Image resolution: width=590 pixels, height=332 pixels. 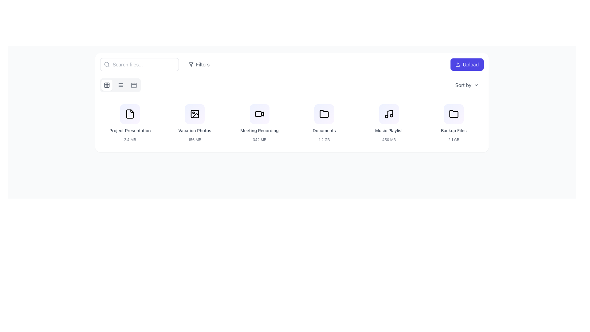 What do you see at coordinates (389, 114) in the screenshot?
I see `the music note icon labeled 'Music Playlist'` at bounding box center [389, 114].